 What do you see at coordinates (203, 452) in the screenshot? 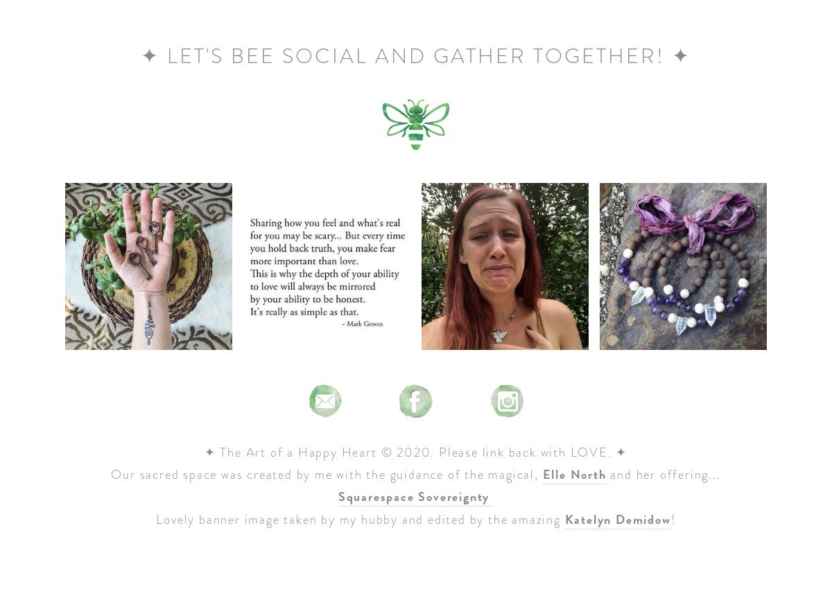
I see `'✦ The Art of a Happy Heart'` at bounding box center [203, 452].